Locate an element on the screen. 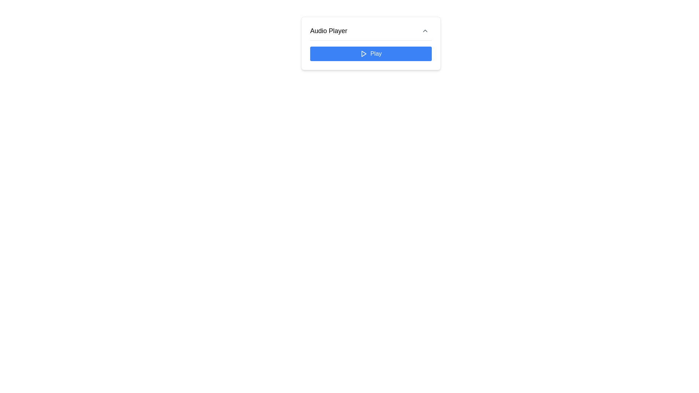  the 'Play' button label which initiates the playback functionality of the audio player is located at coordinates (371, 53).